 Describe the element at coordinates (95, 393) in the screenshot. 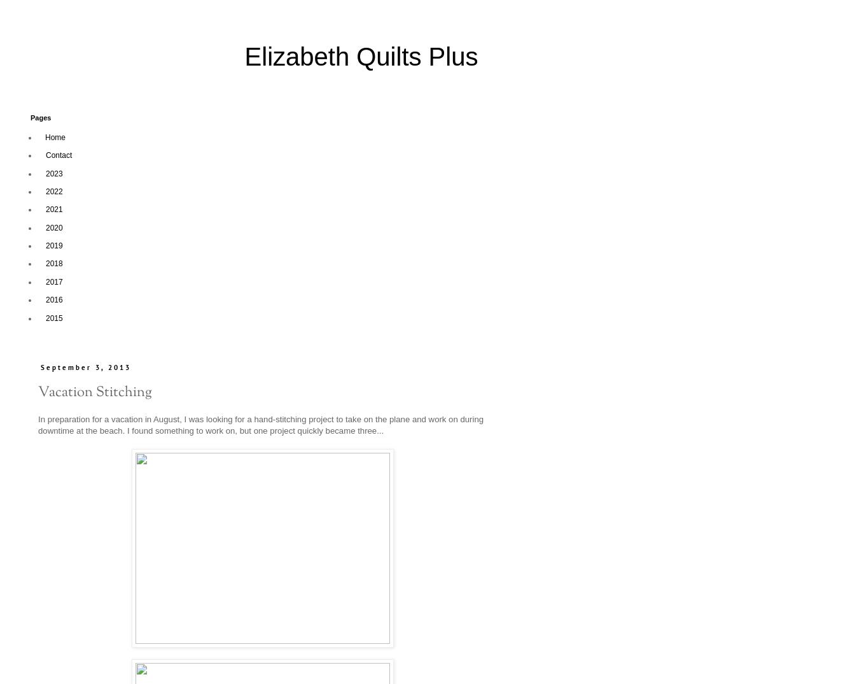

I see `'Vacation Stitching'` at that location.